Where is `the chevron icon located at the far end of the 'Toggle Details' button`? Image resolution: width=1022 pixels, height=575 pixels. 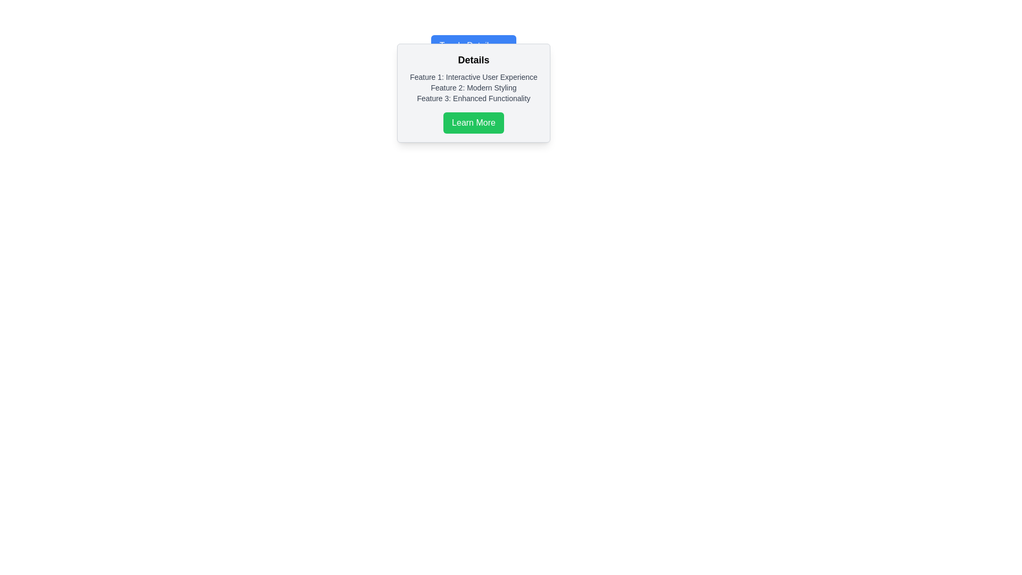 the chevron icon located at the far end of the 'Toggle Details' button is located at coordinates (502, 45).